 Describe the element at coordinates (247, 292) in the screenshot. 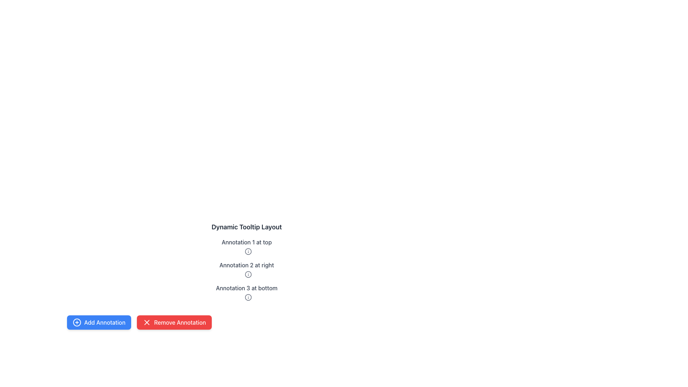

I see `the information icon next to the static text component labeled 'Annotation 3 at bottom'` at that location.